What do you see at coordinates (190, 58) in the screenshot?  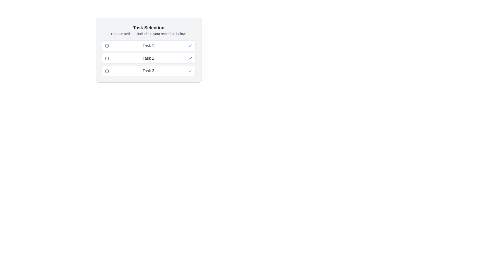 I see `the decorative icon indicating the selected status of 'Task 2' in the task selection interface` at bounding box center [190, 58].